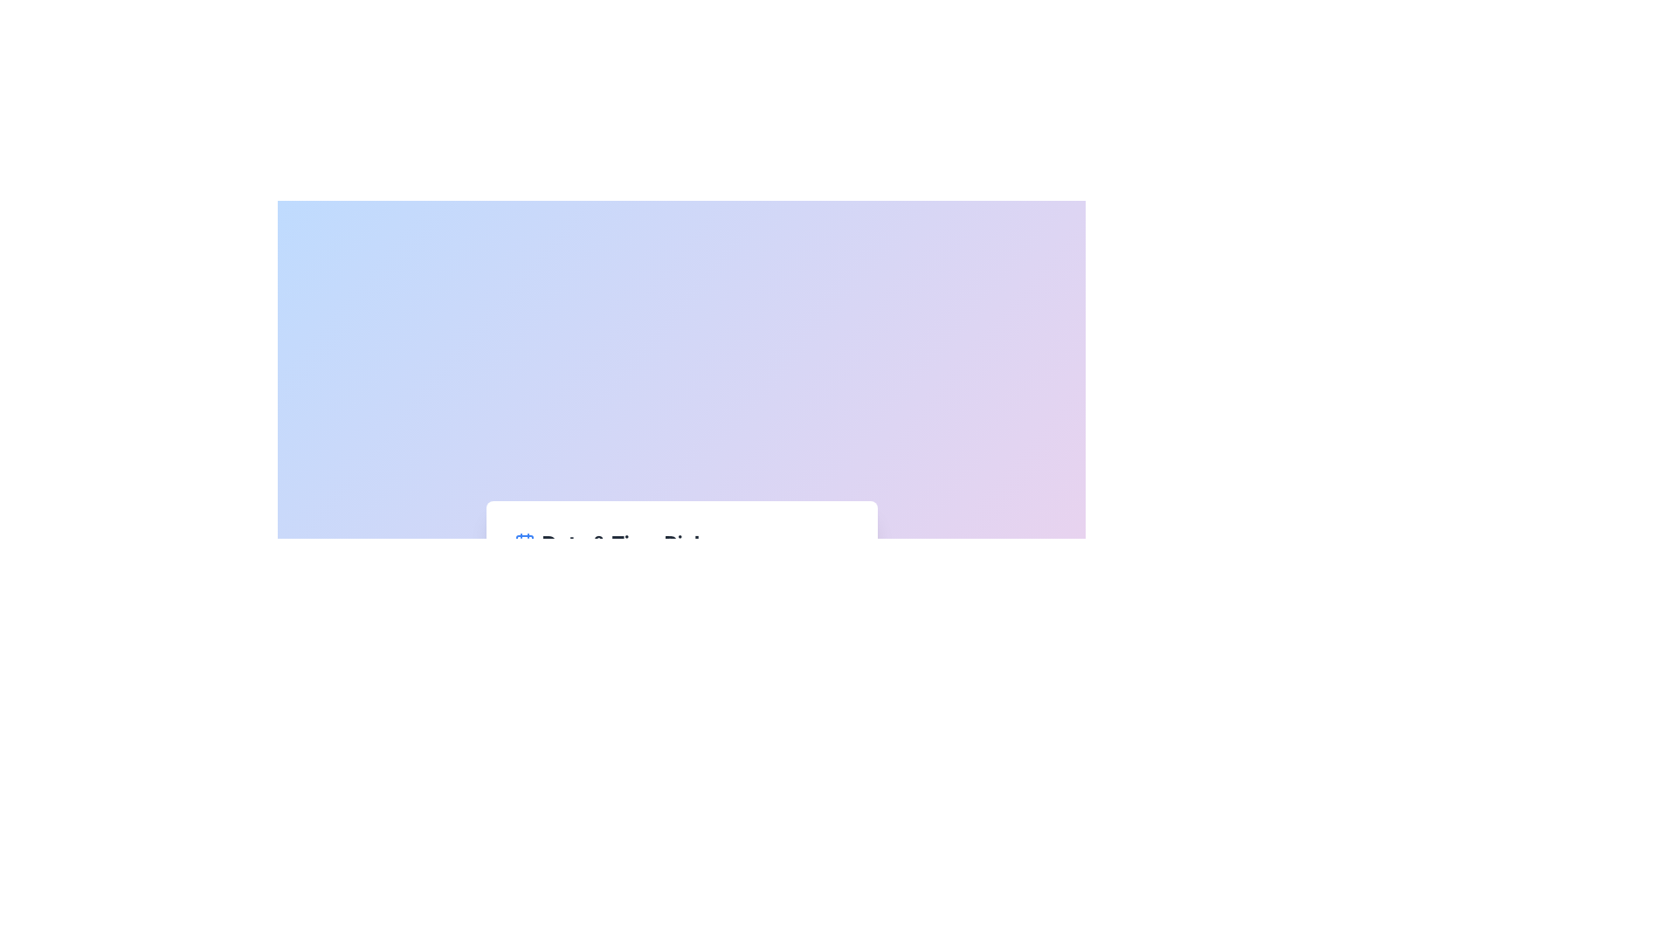 This screenshot has height=943, width=1677. I want to click on the graphical component representing the main body of the calendar icon, which is located beneath the two vertical lines and above a horizontal line within the calendar on the card interface, so click(523, 543).